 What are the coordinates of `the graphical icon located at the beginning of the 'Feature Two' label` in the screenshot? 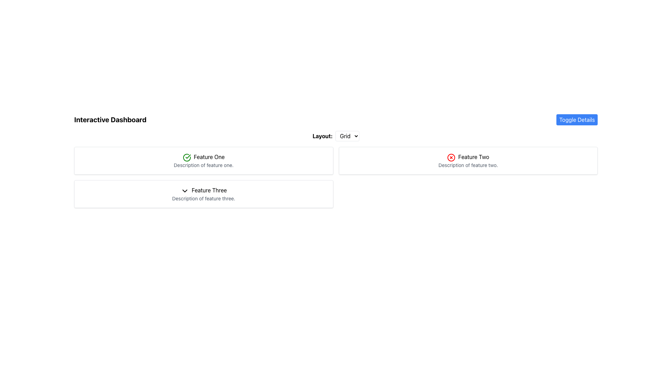 It's located at (451, 157).